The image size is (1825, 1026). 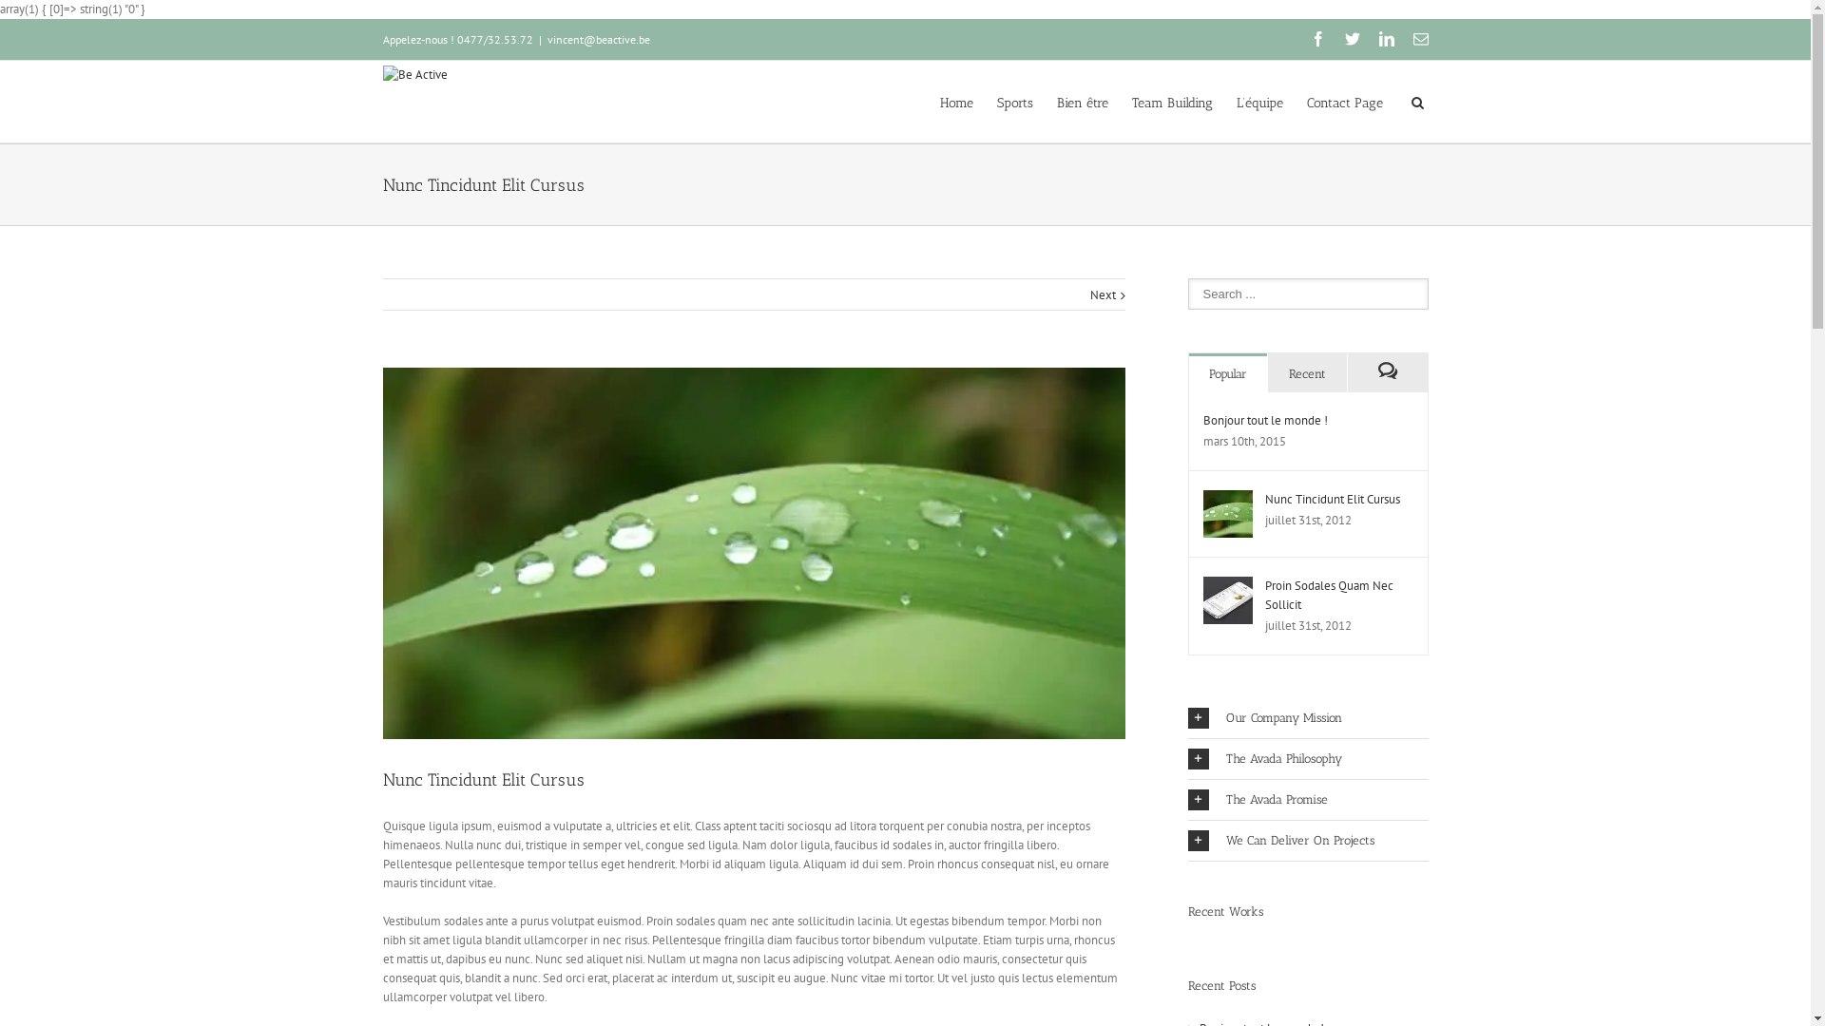 What do you see at coordinates (1350, 39) in the screenshot?
I see `'Twitter'` at bounding box center [1350, 39].